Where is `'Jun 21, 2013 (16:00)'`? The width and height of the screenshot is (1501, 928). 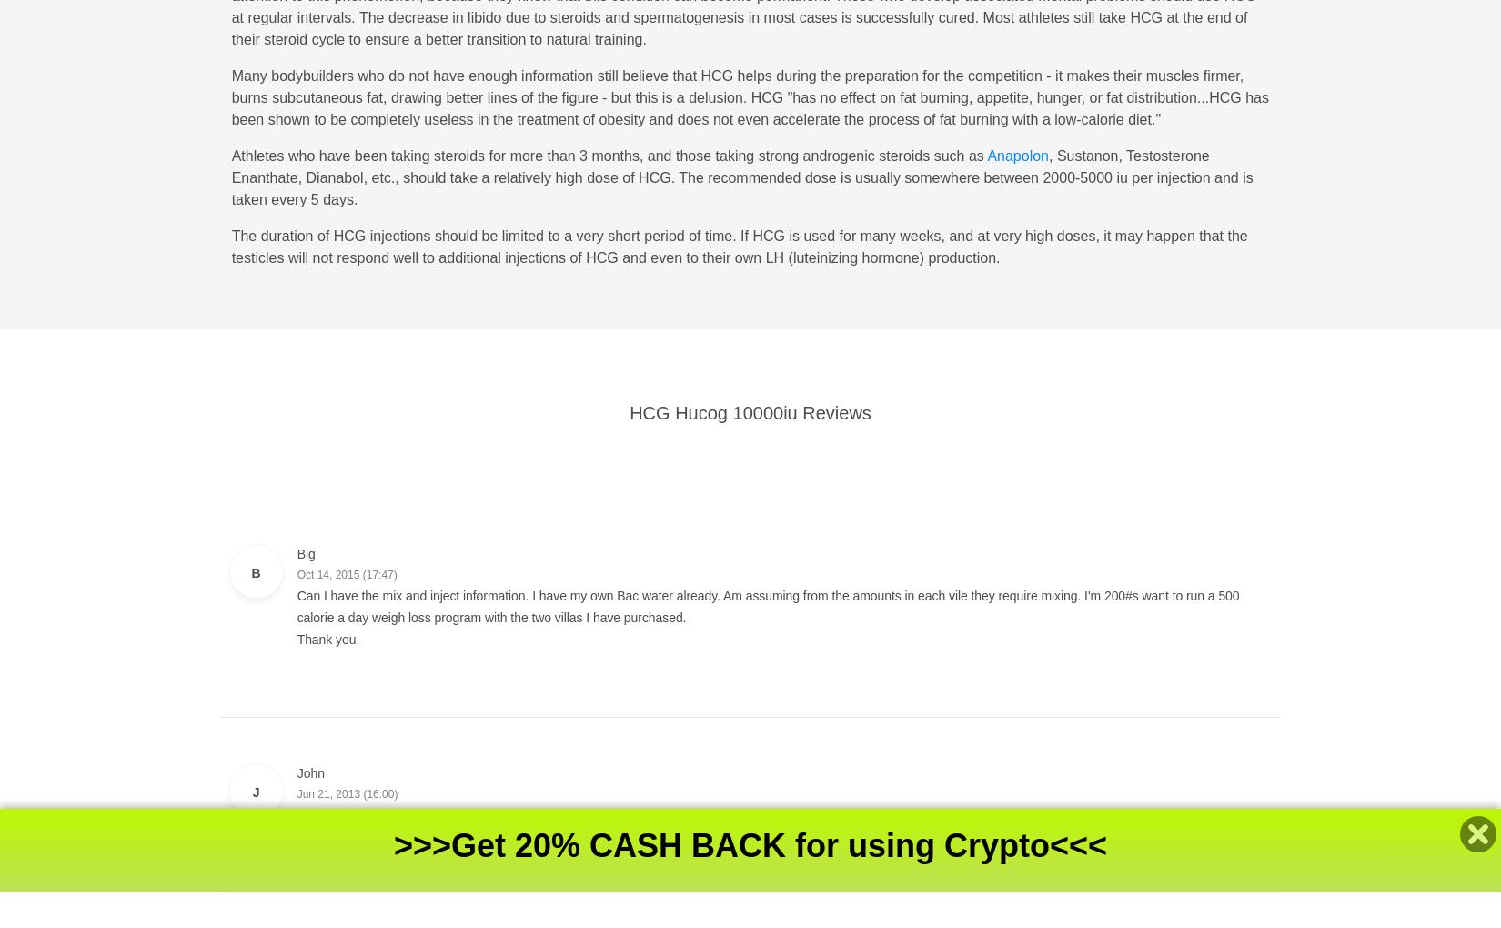
'Jun 21, 2013 (16:00)' is located at coordinates (347, 793).